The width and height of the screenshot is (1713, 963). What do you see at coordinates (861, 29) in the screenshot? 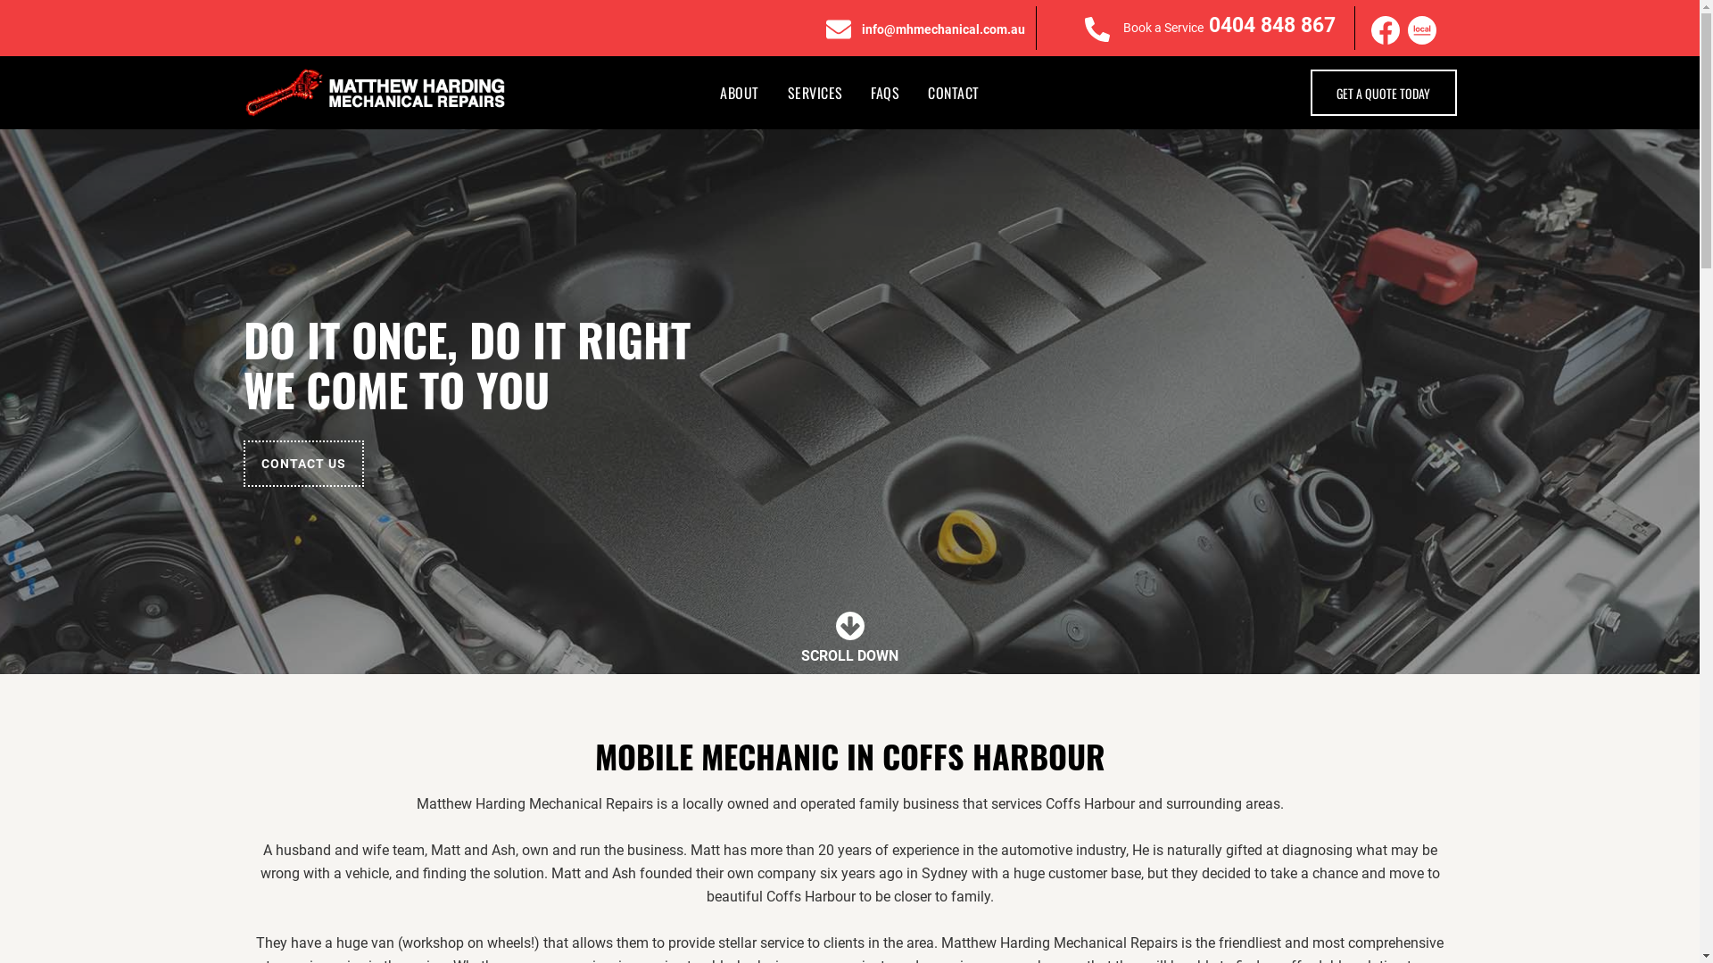
I see `'info@mhmechanical.com.au'` at bounding box center [861, 29].